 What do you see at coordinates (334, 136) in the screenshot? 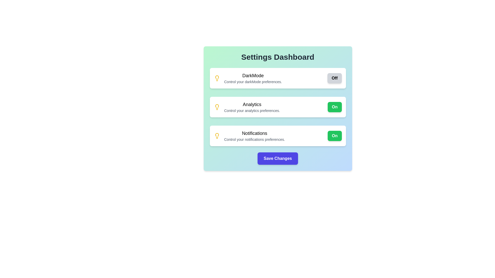
I see `the 'Notifications' toggle button to change its state` at bounding box center [334, 136].